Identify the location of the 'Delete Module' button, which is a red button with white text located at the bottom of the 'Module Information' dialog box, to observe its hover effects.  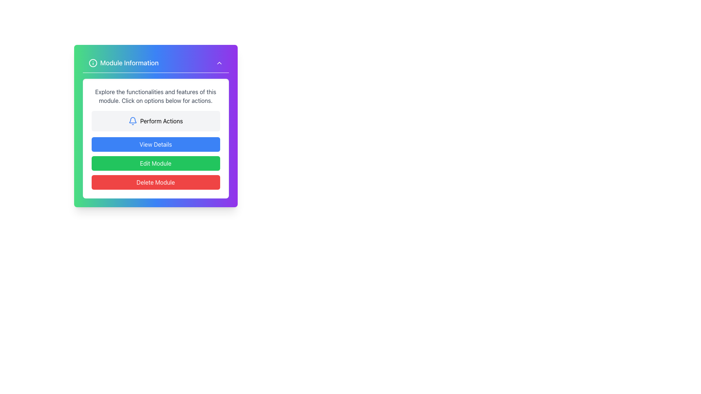
(155, 182).